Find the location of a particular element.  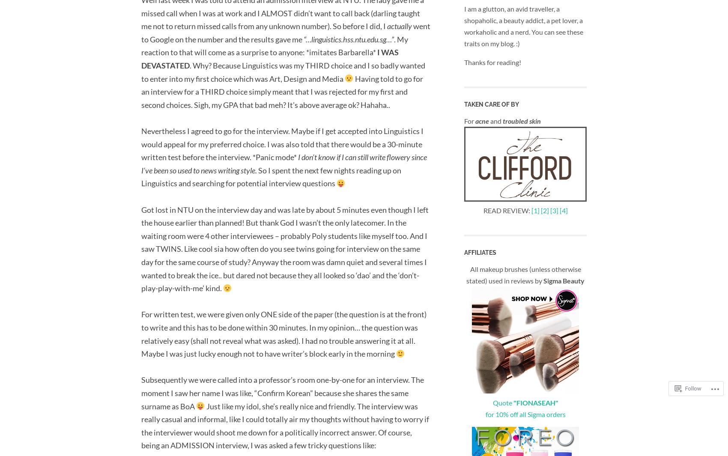

'Having told to go for an interview for a THIRD choice simply meant that I was rejected for my first and second choices. Sigh, my GPA that bad meh? It’s above average ok? Hahaha..' is located at coordinates (282, 91).